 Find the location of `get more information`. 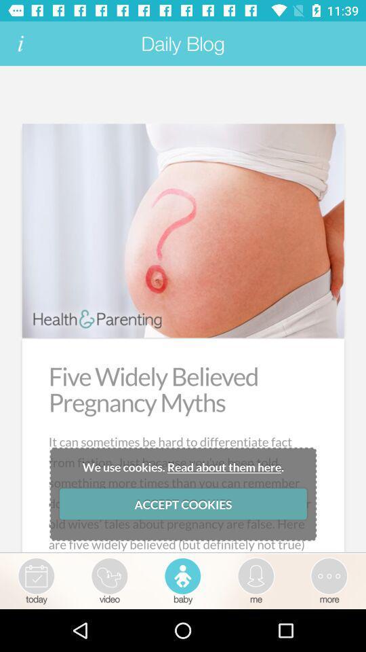

get more information is located at coordinates (20, 43).